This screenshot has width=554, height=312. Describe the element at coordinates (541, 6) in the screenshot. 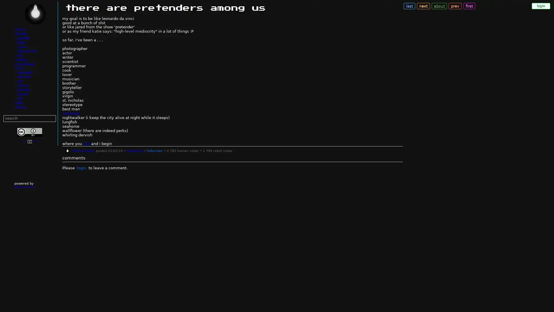

I see `login` at that location.